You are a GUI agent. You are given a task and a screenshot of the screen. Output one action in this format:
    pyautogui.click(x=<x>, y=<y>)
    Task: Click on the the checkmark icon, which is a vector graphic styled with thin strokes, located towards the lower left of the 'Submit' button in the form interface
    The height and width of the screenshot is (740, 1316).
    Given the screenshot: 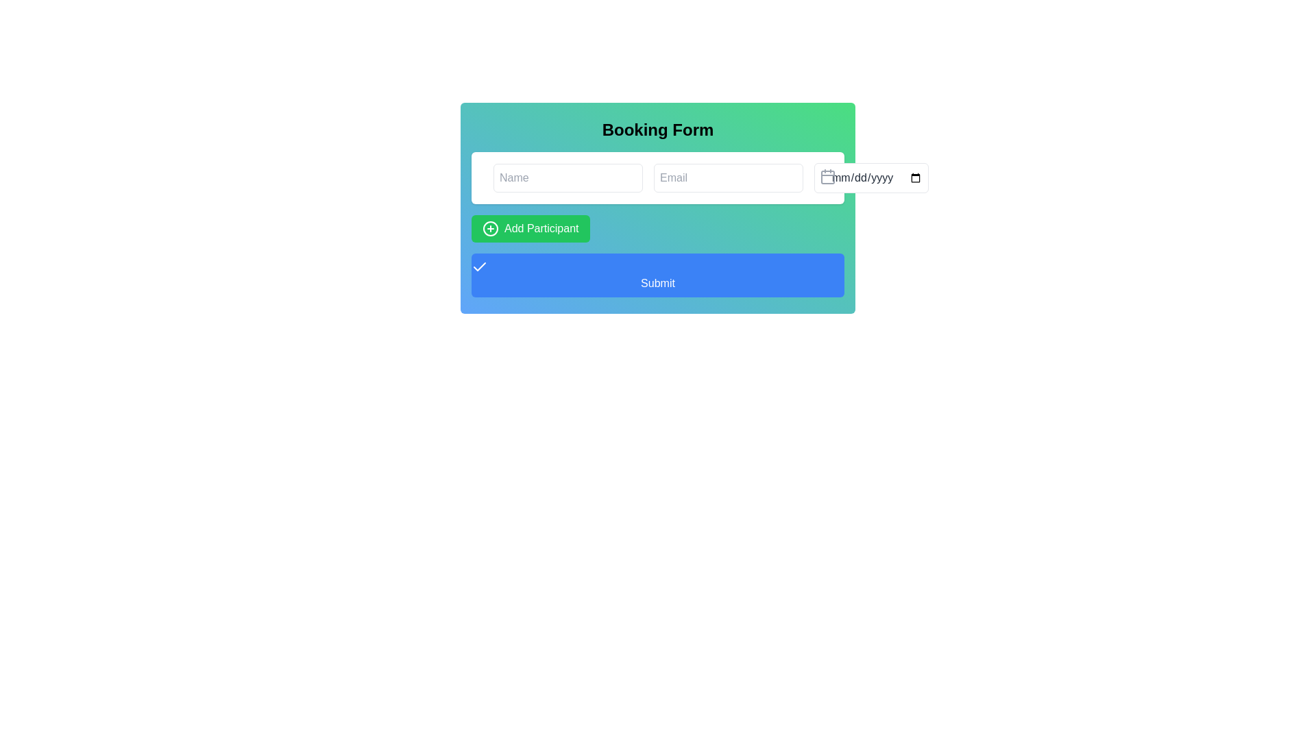 What is the action you would take?
    pyautogui.click(x=480, y=267)
    